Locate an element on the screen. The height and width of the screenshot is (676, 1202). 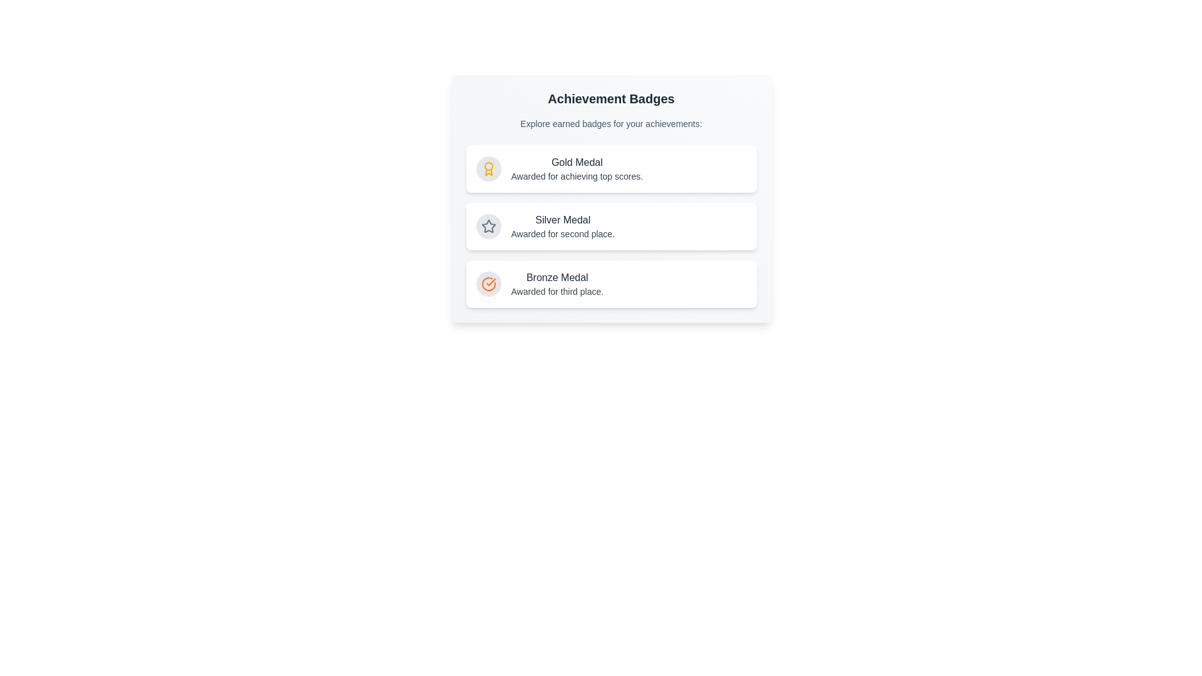
the text label displaying 'Awarded for third place.' which is located below 'Bronze Medal' in the third card of the achievement badges section is located at coordinates (557, 292).